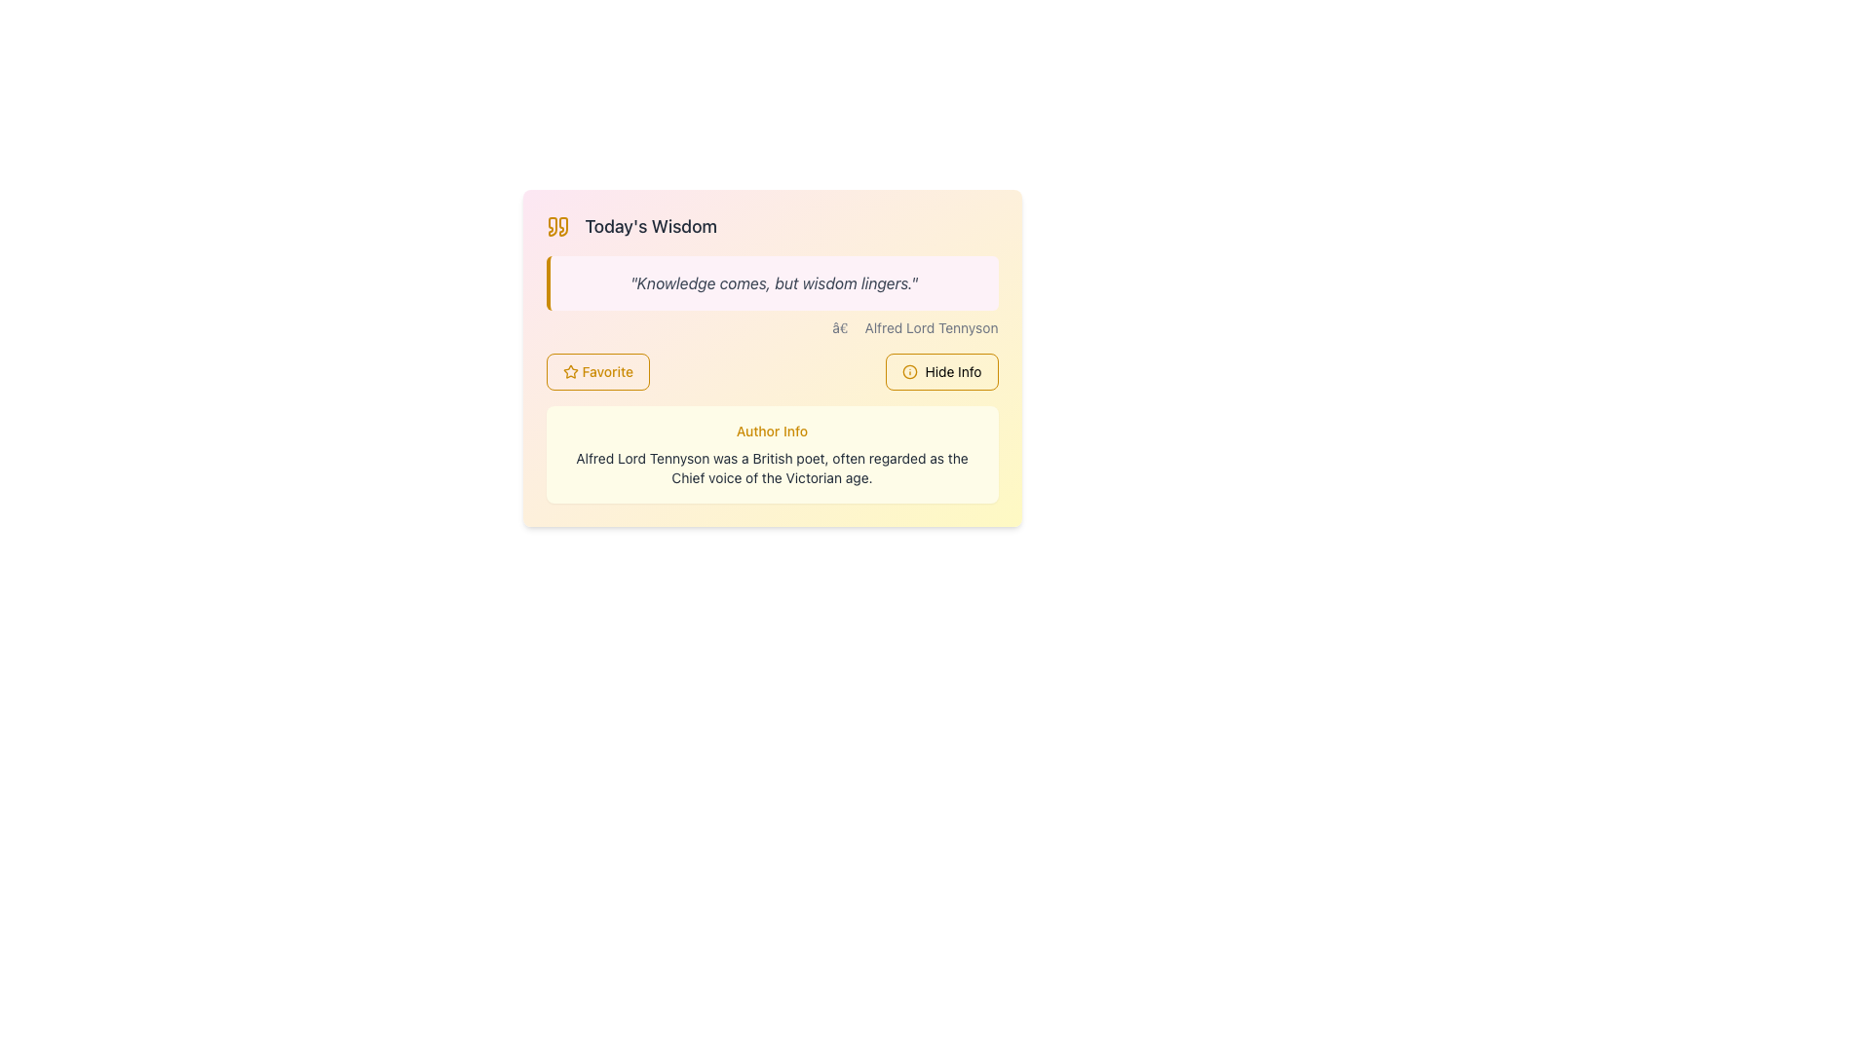 Image resolution: width=1871 pixels, height=1052 pixels. Describe the element at coordinates (561, 225) in the screenshot. I see `the rightmost graphical icon representing a quotation mark in the 'Today's Wisdom' panel, which is located at the top left corner of the panel` at that location.